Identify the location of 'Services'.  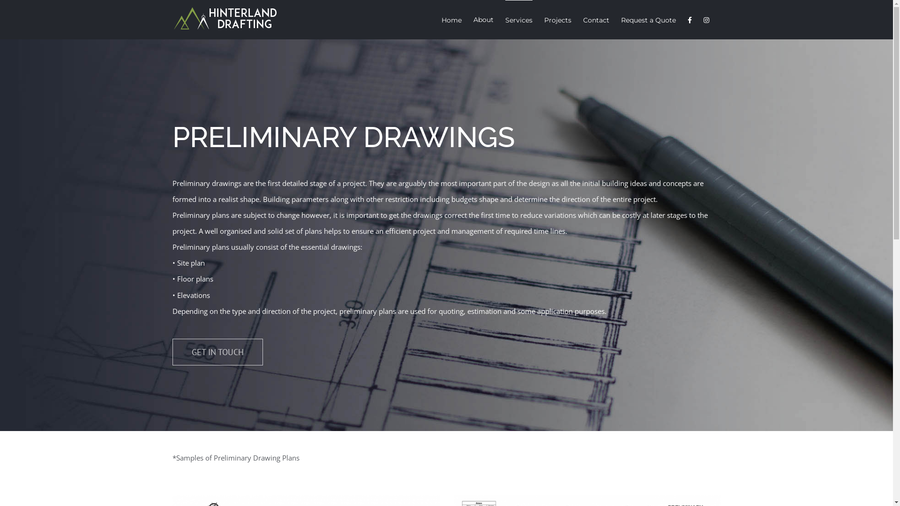
(518, 20).